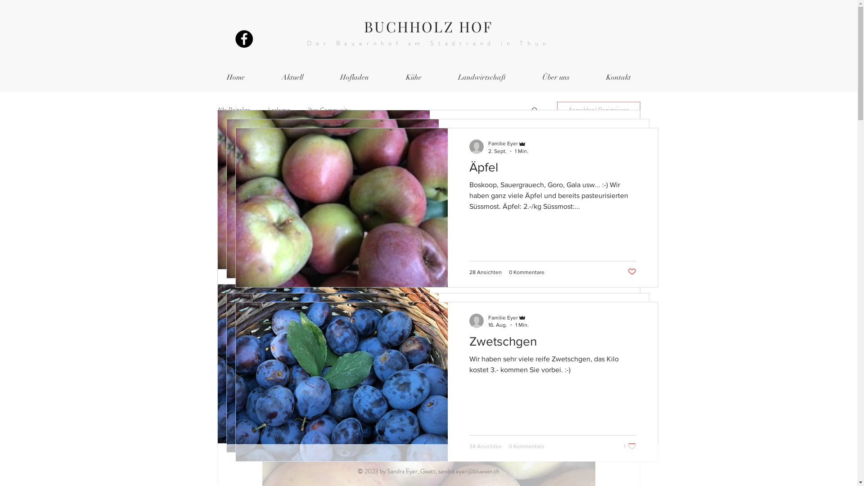 The image size is (864, 486). What do you see at coordinates (267, 109) in the screenshot?
I see `'Loslegen'` at bounding box center [267, 109].